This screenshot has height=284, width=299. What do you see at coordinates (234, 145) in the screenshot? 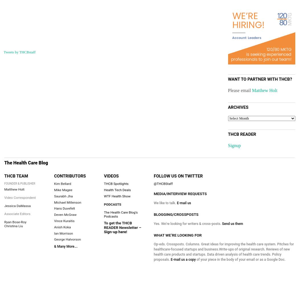
I see `'Signup'` at bounding box center [234, 145].